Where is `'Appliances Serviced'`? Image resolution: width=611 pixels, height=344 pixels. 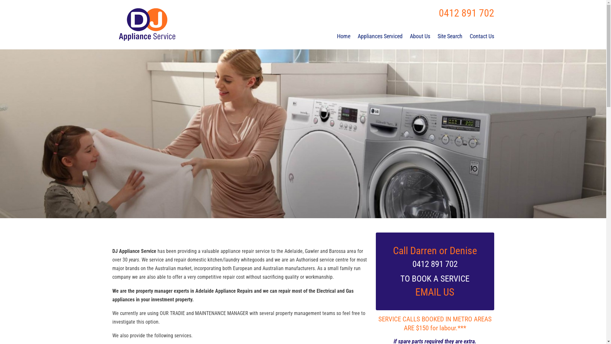
'Appliances Serviced' is located at coordinates (380, 36).